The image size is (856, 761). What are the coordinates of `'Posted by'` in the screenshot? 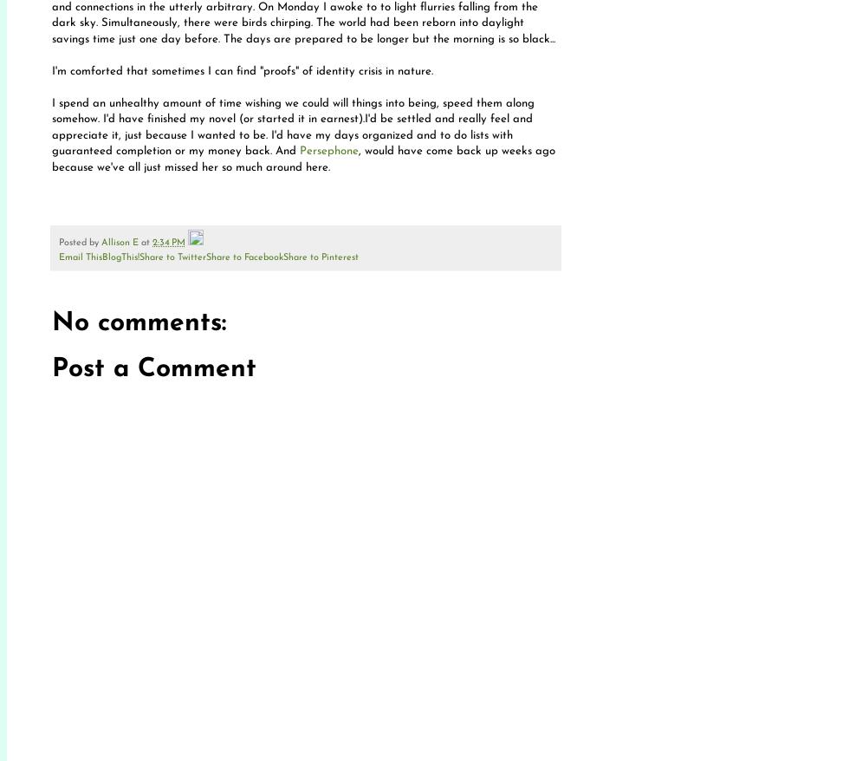 It's located at (80, 242).